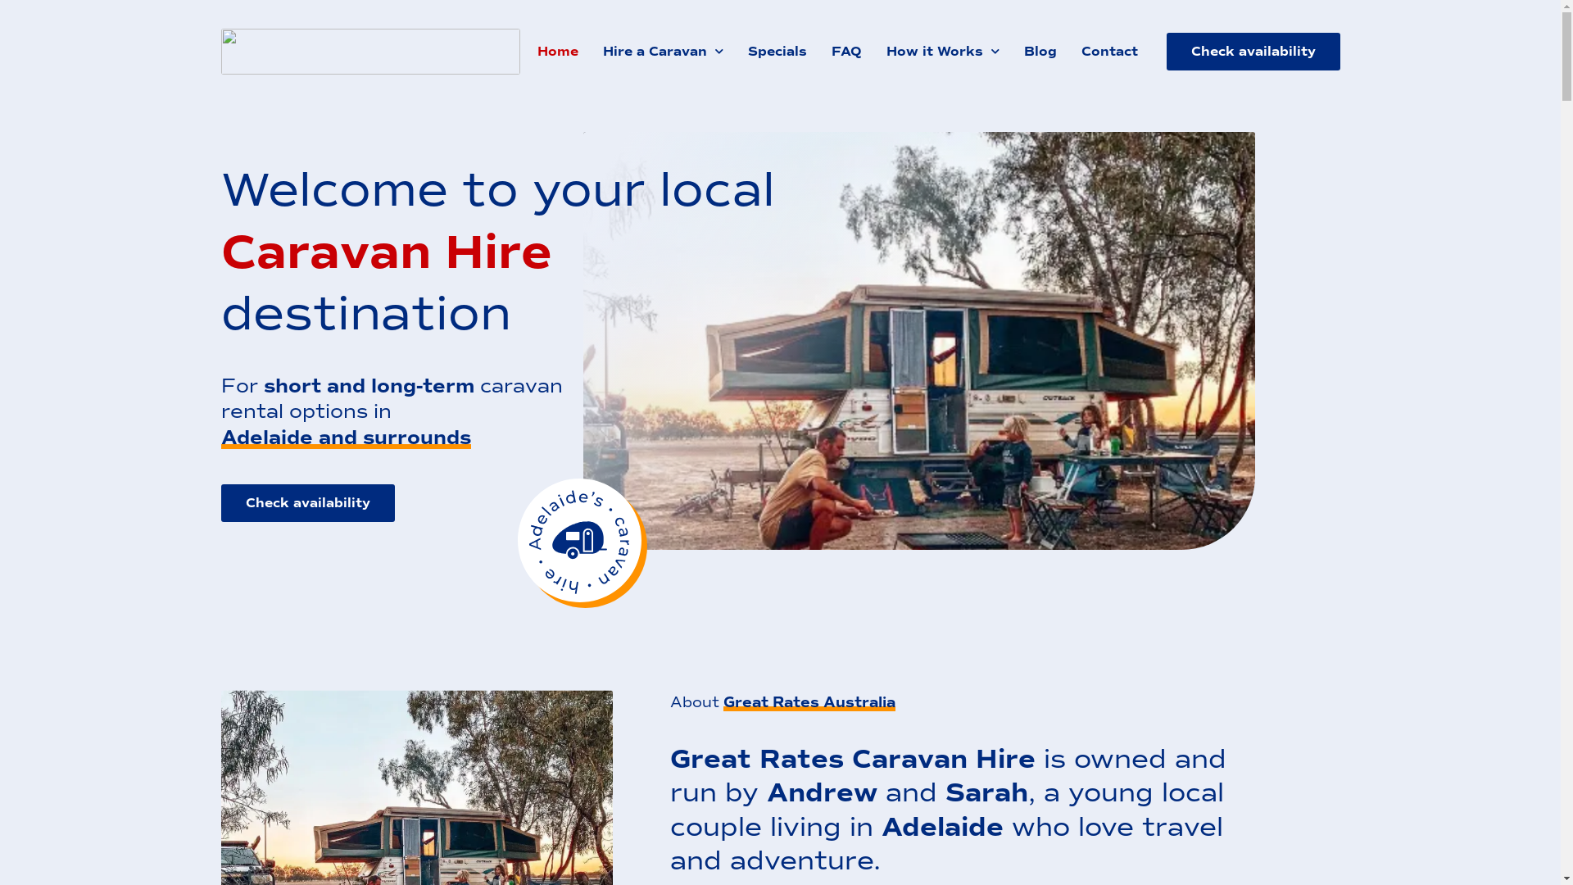 Image resolution: width=1573 pixels, height=885 pixels. Describe the element at coordinates (662, 50) in the screenshot. I see `'Hire a Caravan'` at that location.